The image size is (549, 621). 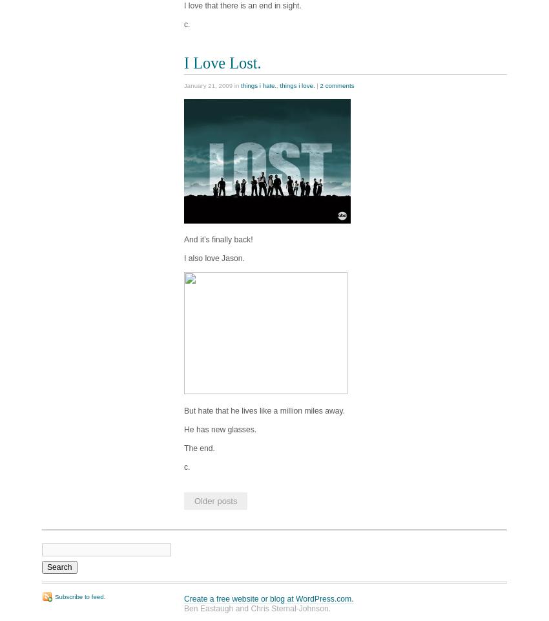 What do you see at coordinates (183, 63) in the screenshot?
I see `'I Love Lost.'` at bounding box center [183, 63].